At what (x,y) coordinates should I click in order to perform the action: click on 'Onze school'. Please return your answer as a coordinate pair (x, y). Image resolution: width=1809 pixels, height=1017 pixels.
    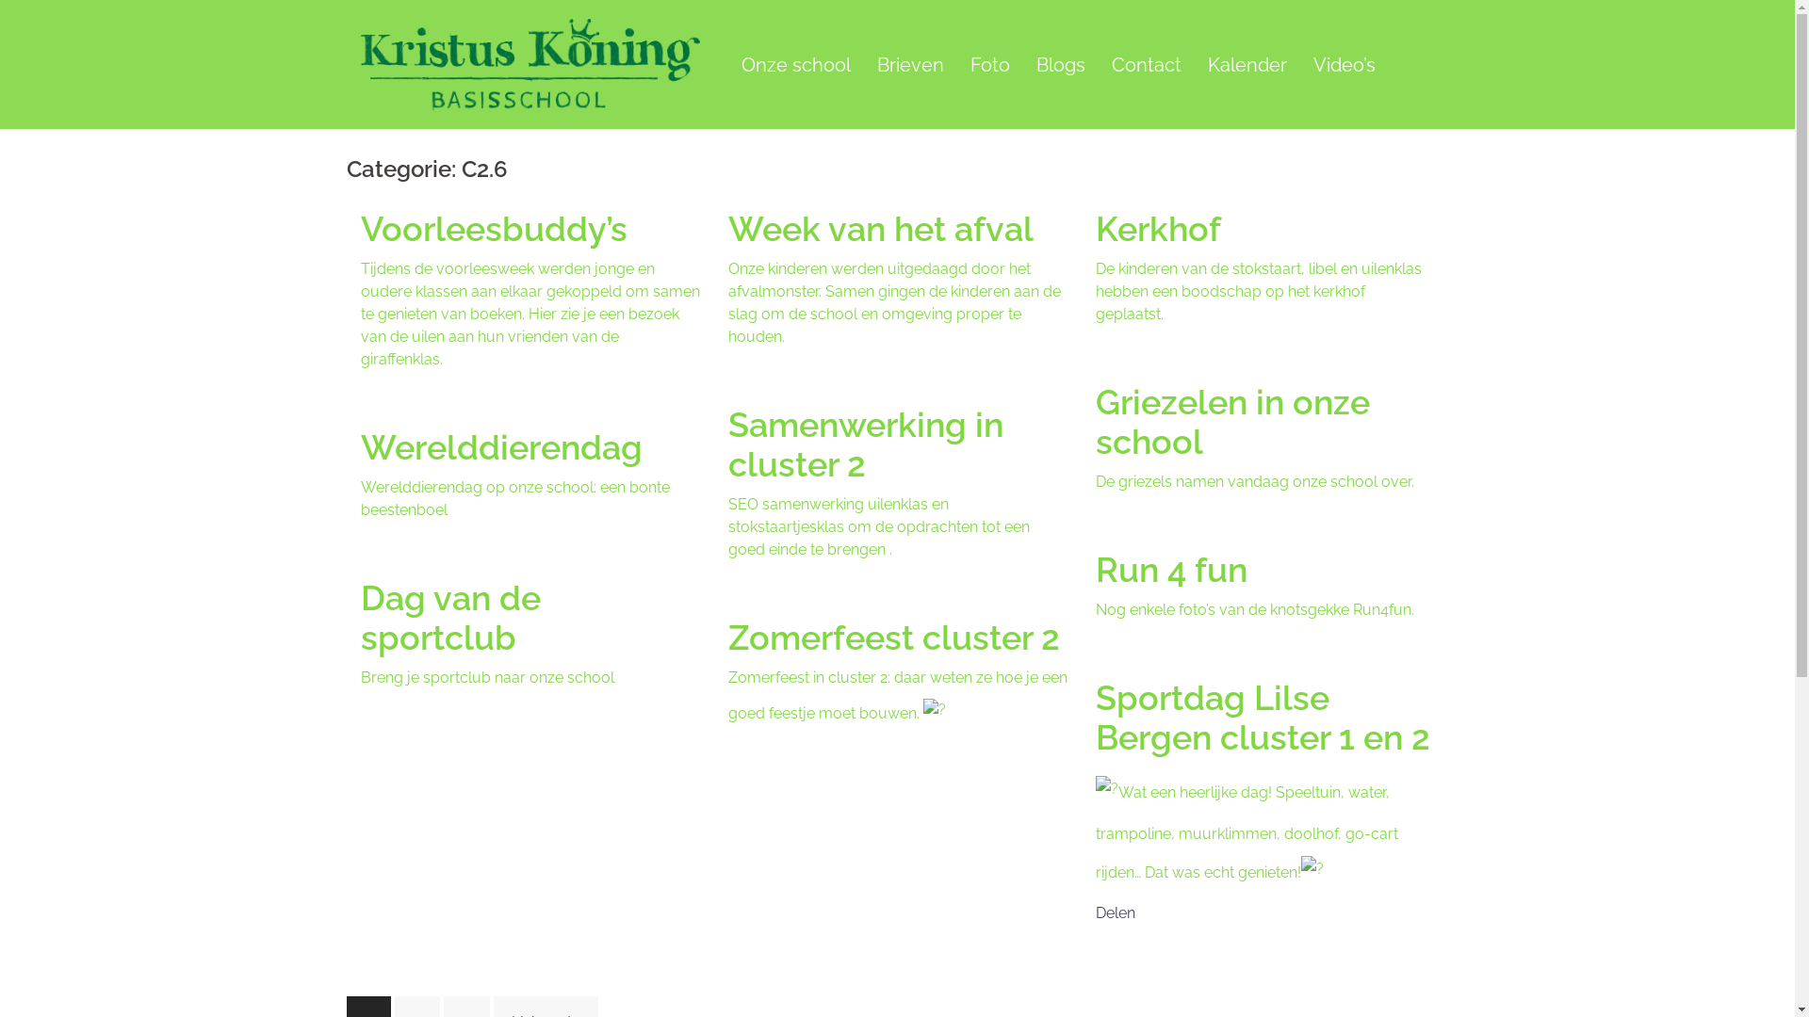
    Looking at the image, I should click on (795, 64).